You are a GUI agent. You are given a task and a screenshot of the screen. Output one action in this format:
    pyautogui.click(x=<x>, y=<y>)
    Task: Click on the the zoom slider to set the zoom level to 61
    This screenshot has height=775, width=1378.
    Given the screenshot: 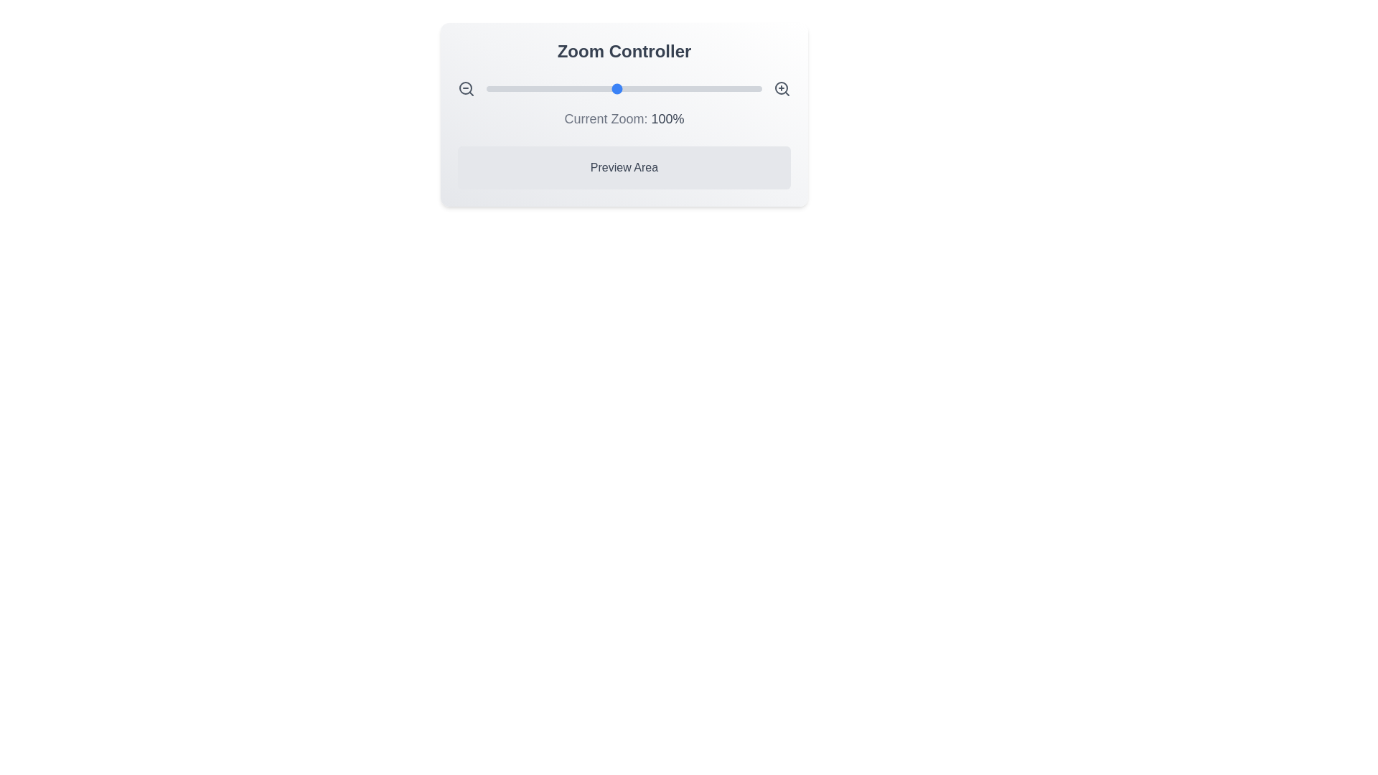 What is the action you would take?
    pyautogui.click(x=560, y=88)
    